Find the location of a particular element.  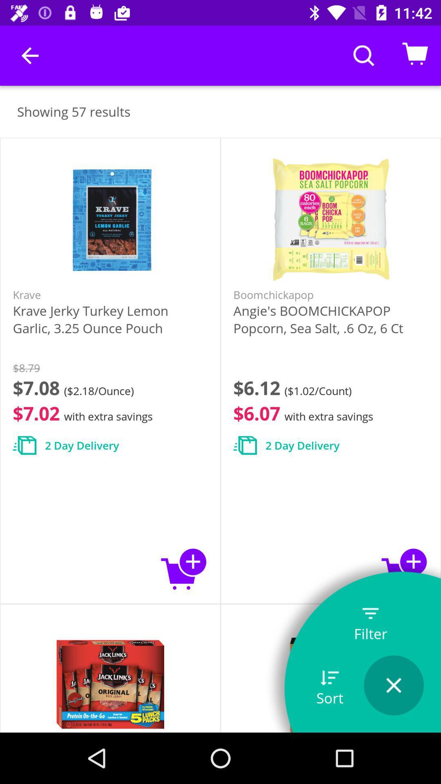

to shopping cart is located at coordinates (405, 568).